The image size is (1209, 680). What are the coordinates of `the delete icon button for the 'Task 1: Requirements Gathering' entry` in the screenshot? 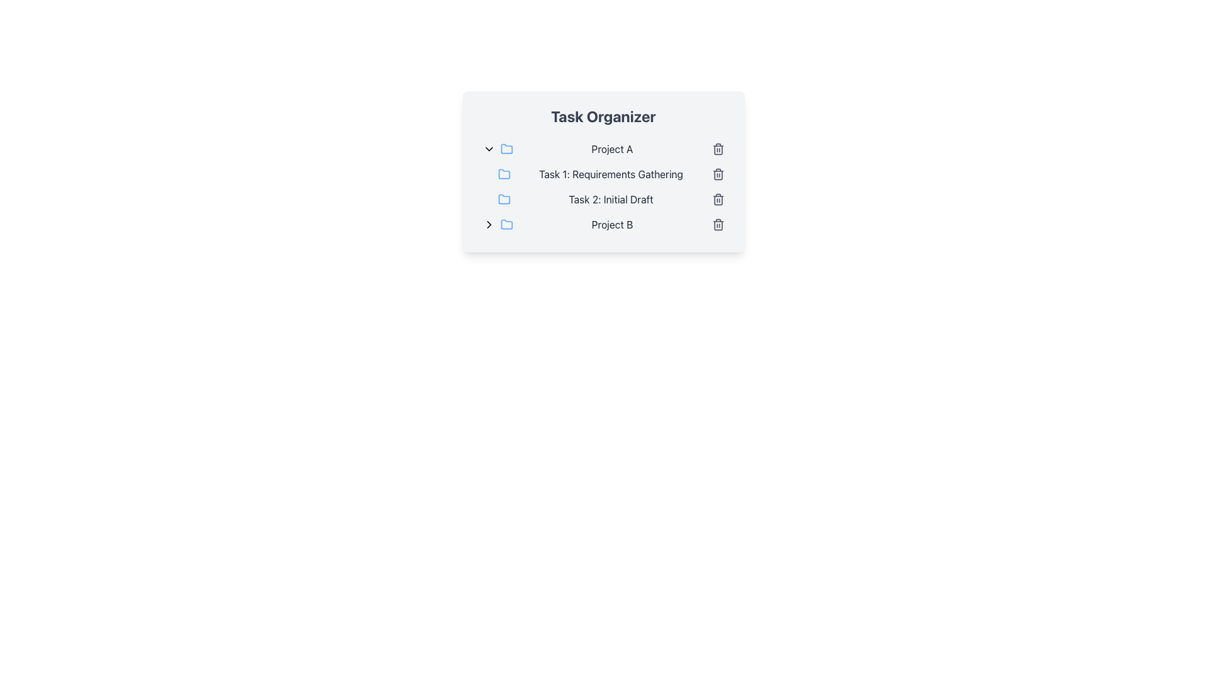 It's located at (718, 175).